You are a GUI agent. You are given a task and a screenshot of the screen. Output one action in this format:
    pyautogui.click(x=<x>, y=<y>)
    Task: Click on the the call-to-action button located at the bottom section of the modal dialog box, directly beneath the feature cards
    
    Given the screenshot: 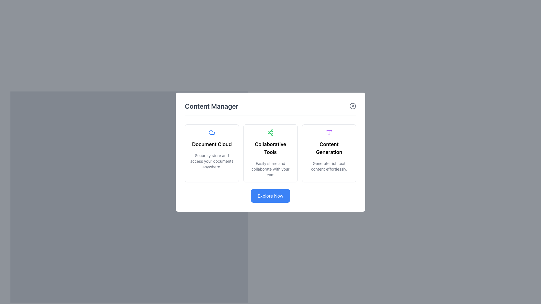 What is the action you would take?
    pyautogui.click(x=270, y=195)
    